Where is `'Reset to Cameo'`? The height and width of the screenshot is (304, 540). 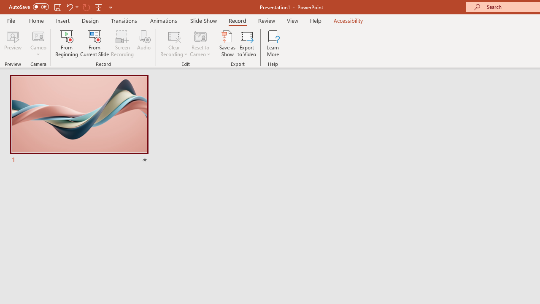
'Reset to Cameo' is located at coordinates (200, 43).